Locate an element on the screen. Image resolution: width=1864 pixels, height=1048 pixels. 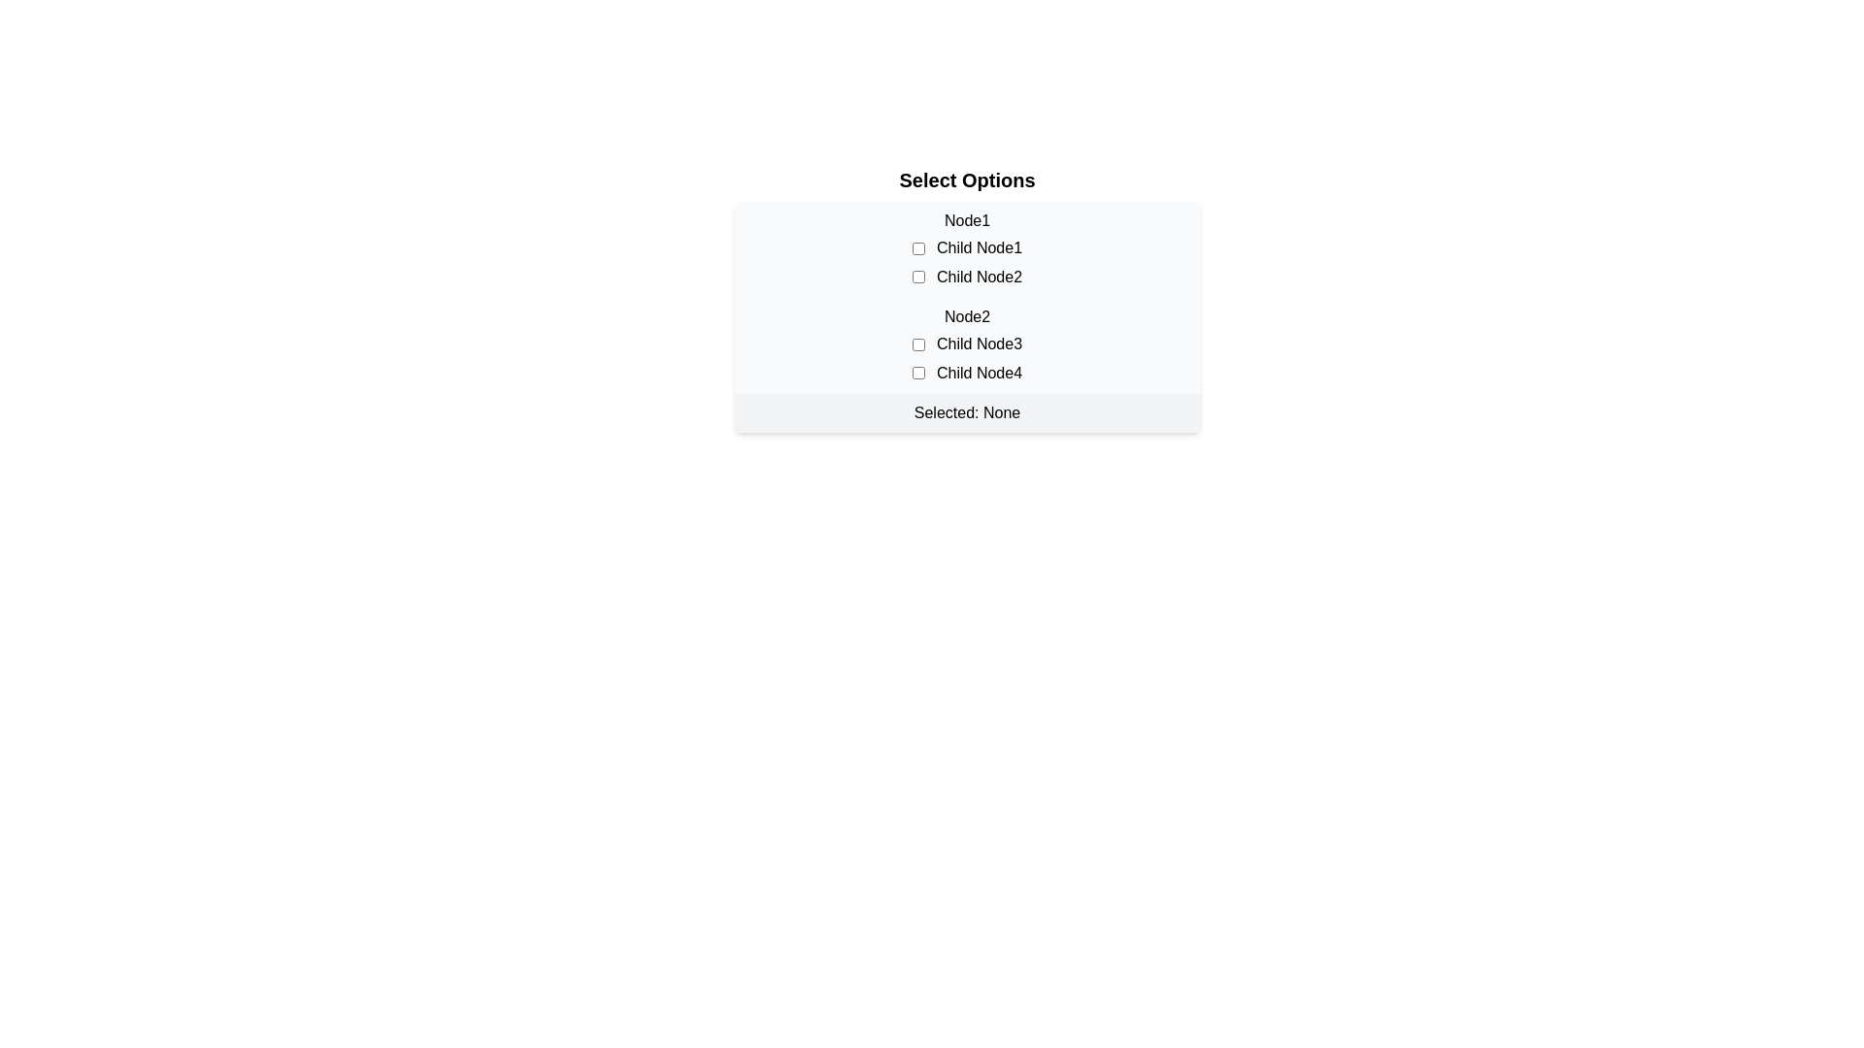
the 'Node1' text label element, which is displayed in bold at the top of a list of selectable options is located at coordinates (967, 219).